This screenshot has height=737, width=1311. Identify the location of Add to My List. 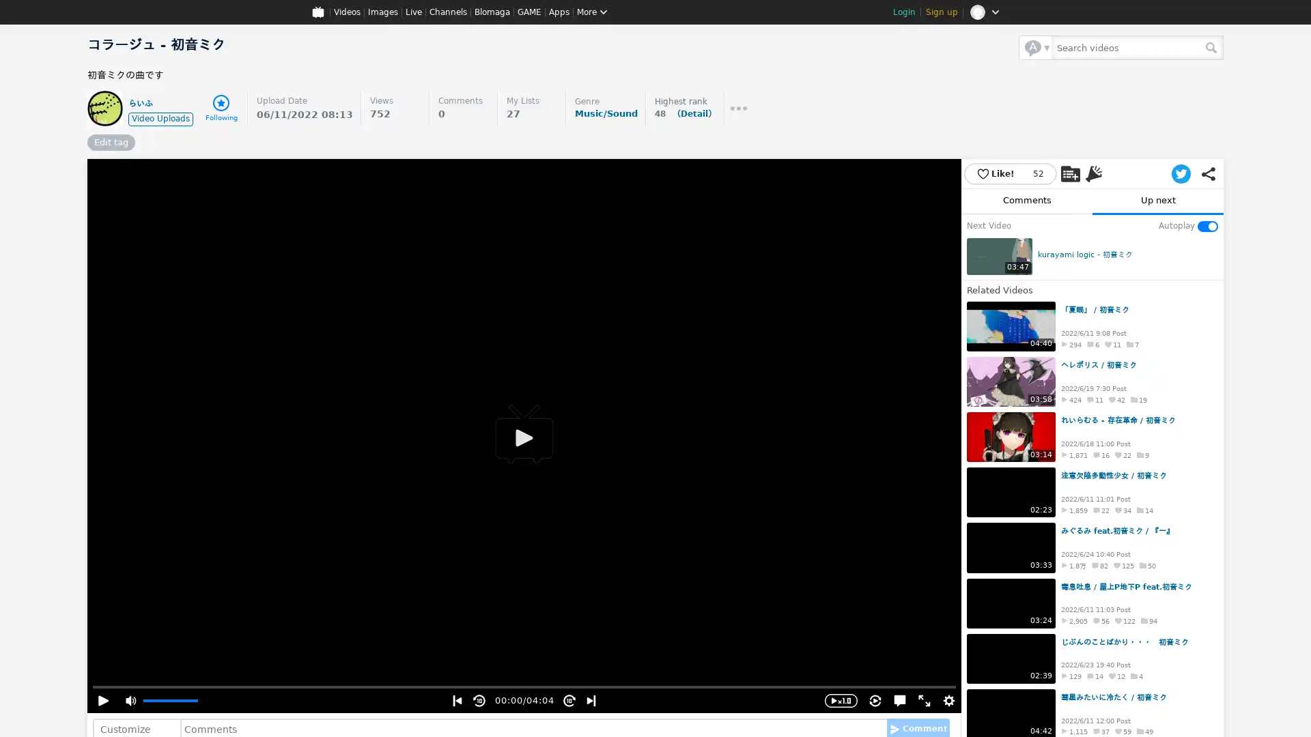
(1070, 173).